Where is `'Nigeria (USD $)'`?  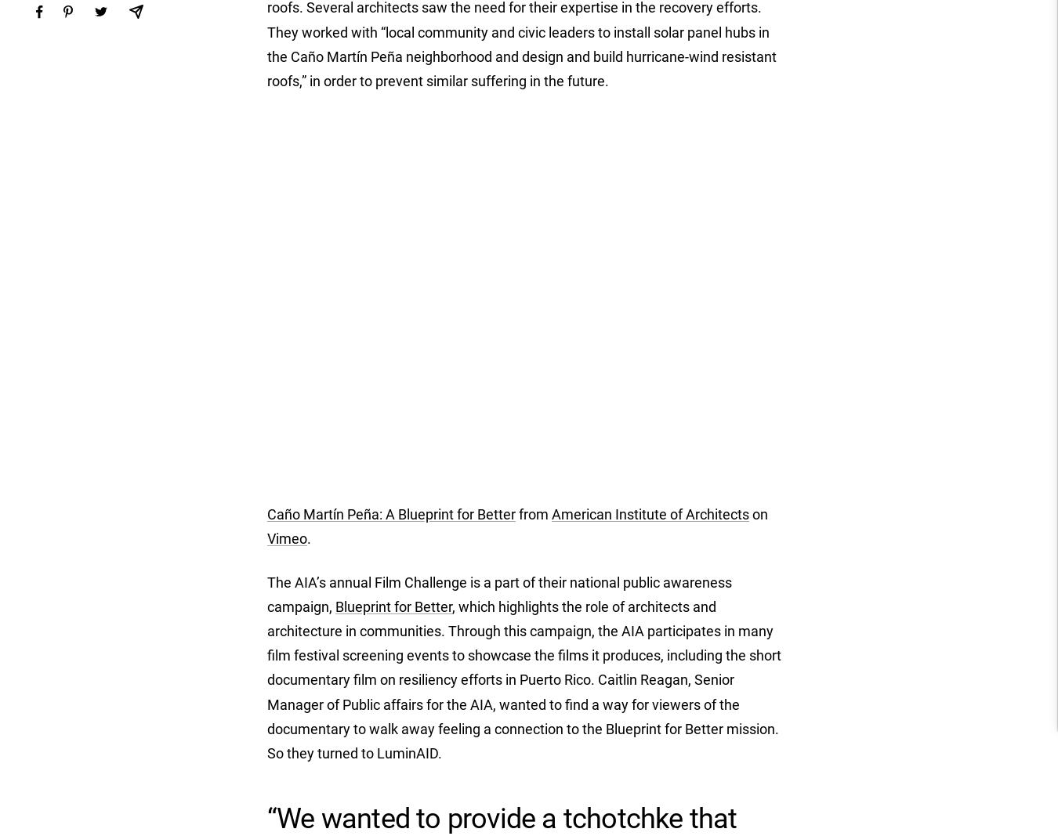 'Nigeria (USD $)' is located at coordinates (763, 697).